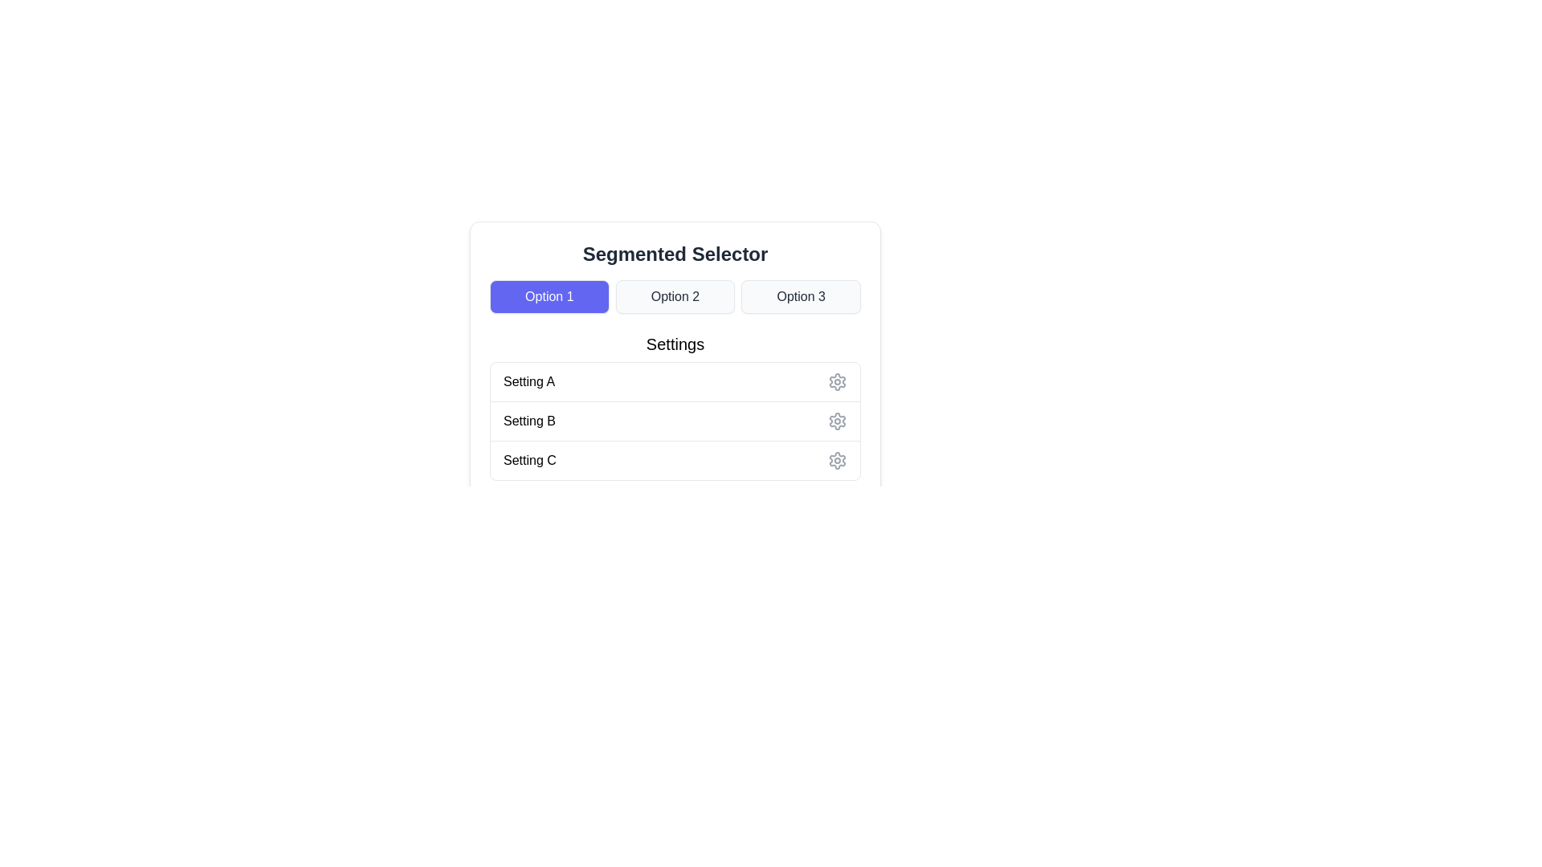 The image size is (1542, 867). What do you see at coordinates (836, 420) in the screenshot?
I see `the settings icon (gear icon) located in the second row next to 'Setting B'` at bounding box center [836, 420].